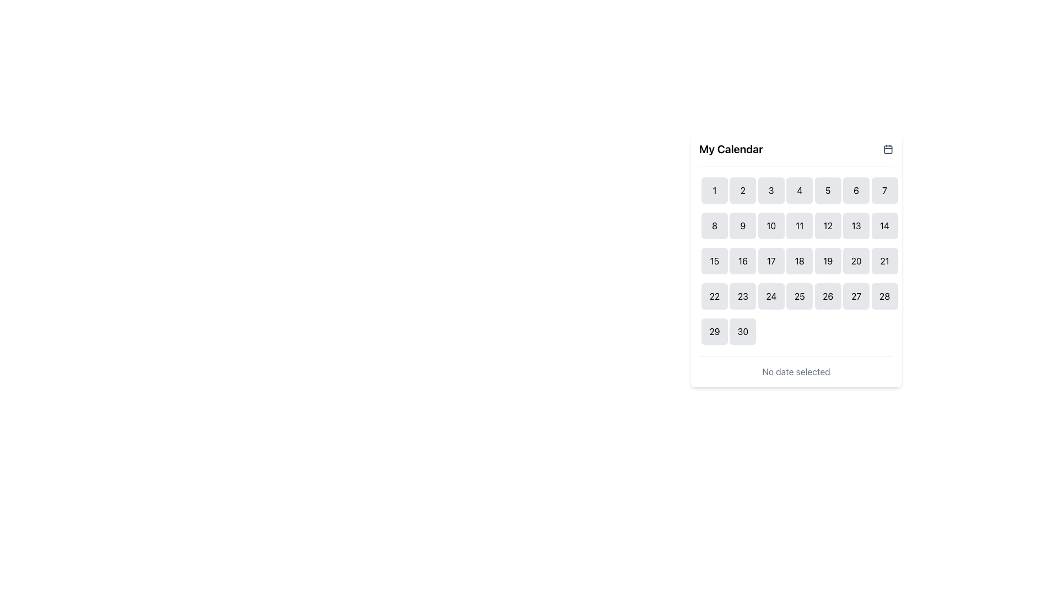 The height and width of the screenshot is (595, 1058). Describe the element at coordinates (770, 261) in the screenshot. I see `the date selector button for the date '17' in the calendar grid by` at that location.